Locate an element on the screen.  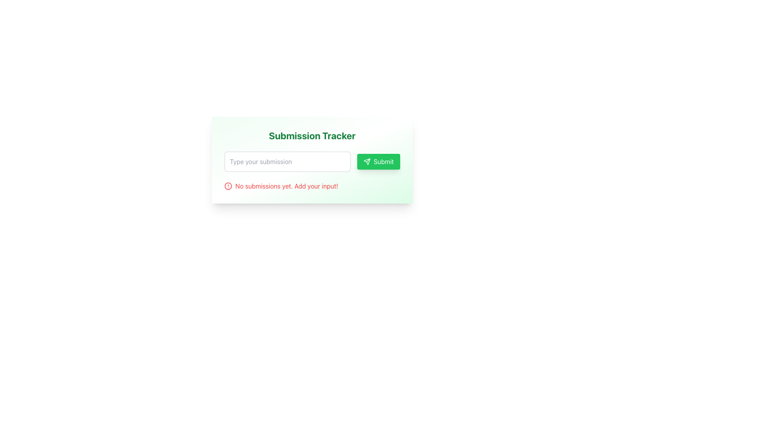
the text input field with placeholder 'Type your submission' to focus on it is located at coordinates (287, 161).